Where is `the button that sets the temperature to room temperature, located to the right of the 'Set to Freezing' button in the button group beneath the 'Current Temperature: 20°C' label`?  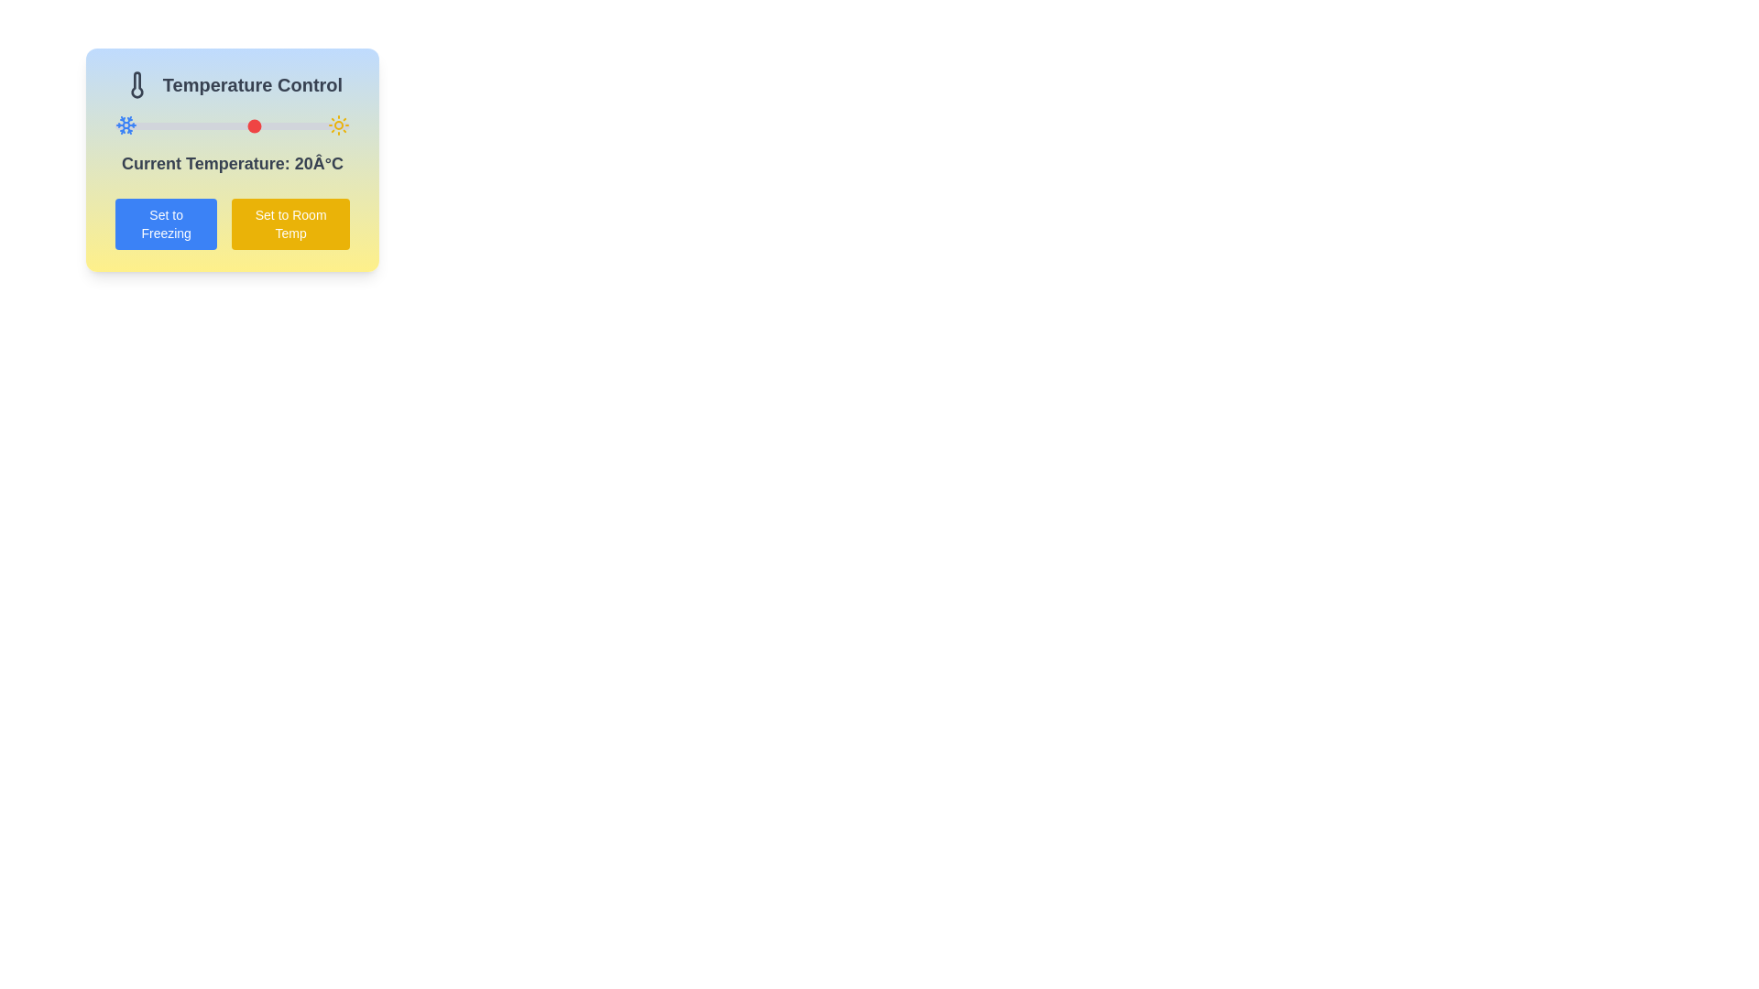 the button that sets the temperature to room temperature, located to the right of the 'Set to Freezing' button in the button group beneath the 'Current Temperature: 20°C' label is located at coordinates (290, 223).